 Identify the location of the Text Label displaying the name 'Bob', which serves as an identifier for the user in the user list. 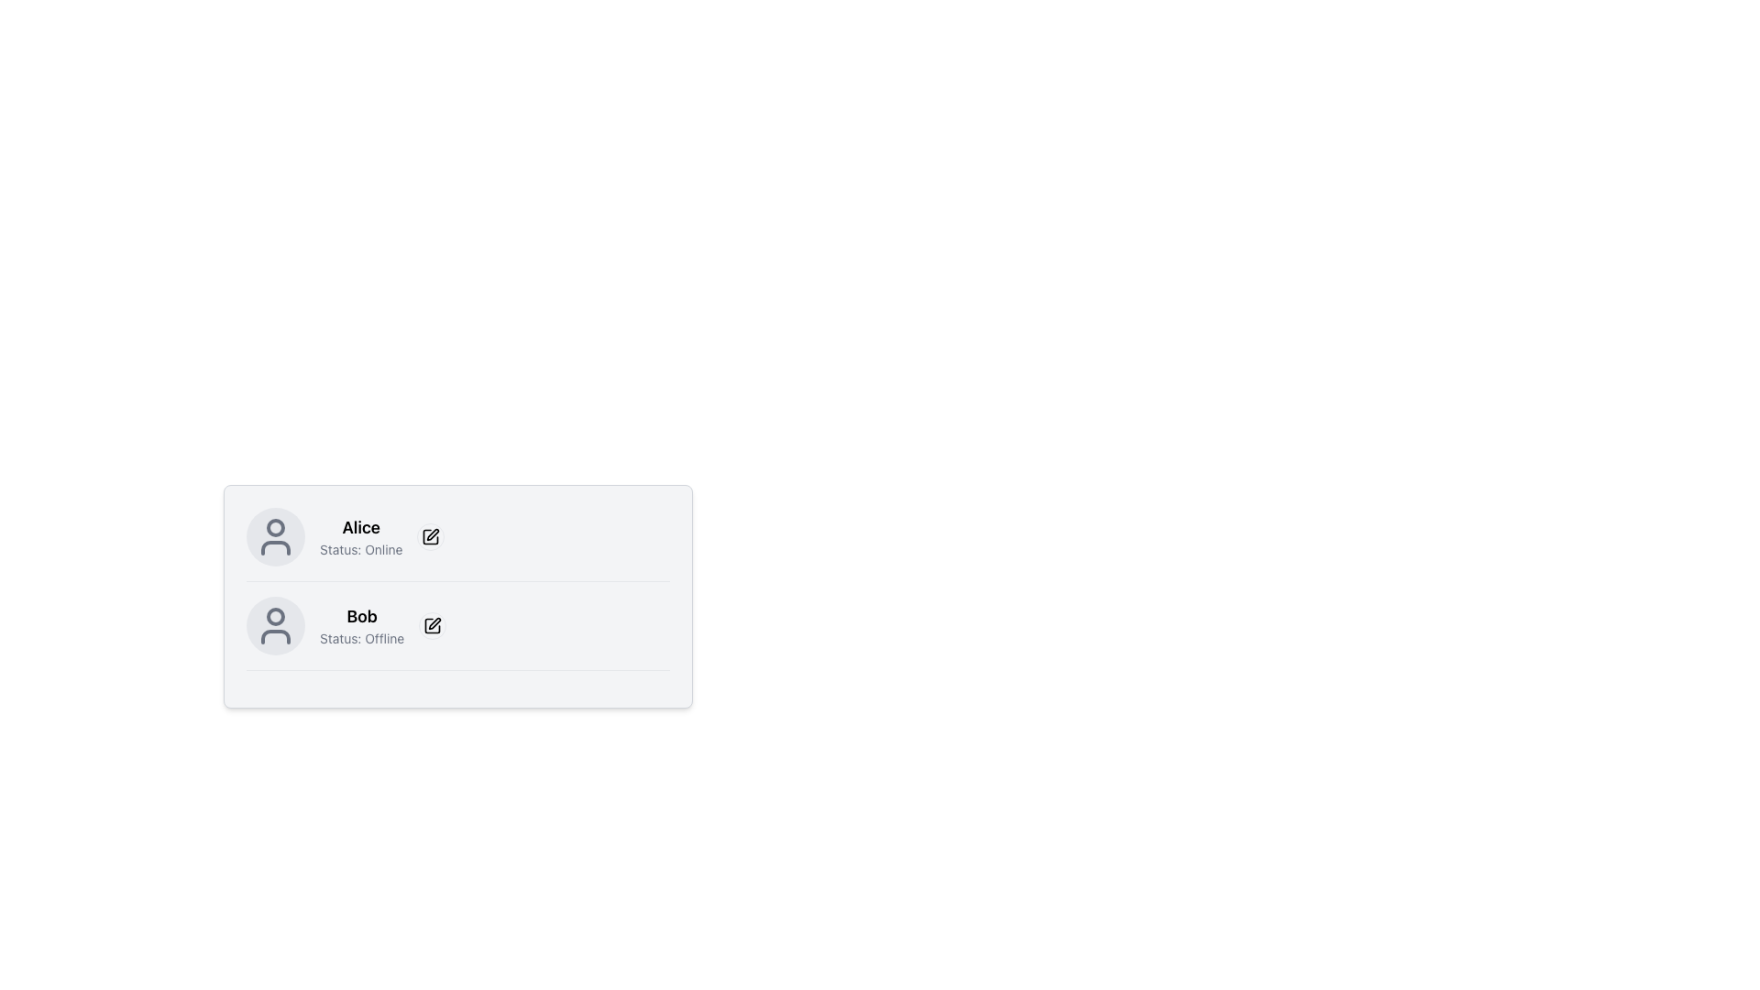
(362, 616).